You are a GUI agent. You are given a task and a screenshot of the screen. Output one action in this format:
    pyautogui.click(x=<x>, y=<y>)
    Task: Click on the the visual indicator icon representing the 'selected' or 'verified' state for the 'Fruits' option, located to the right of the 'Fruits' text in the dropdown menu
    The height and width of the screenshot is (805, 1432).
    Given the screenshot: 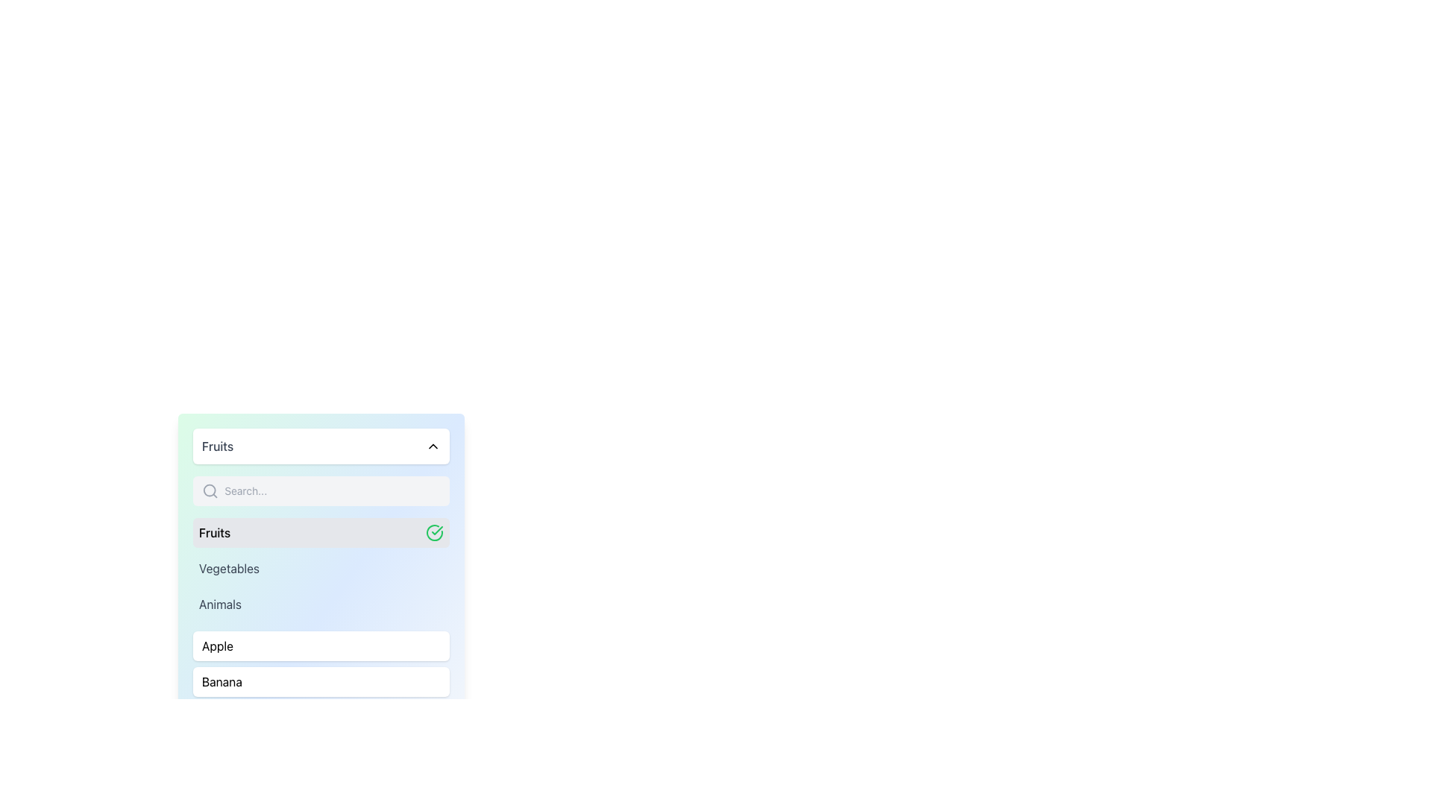 What is the action you would take?
    pyautogui.click(x=436, y=530)
    